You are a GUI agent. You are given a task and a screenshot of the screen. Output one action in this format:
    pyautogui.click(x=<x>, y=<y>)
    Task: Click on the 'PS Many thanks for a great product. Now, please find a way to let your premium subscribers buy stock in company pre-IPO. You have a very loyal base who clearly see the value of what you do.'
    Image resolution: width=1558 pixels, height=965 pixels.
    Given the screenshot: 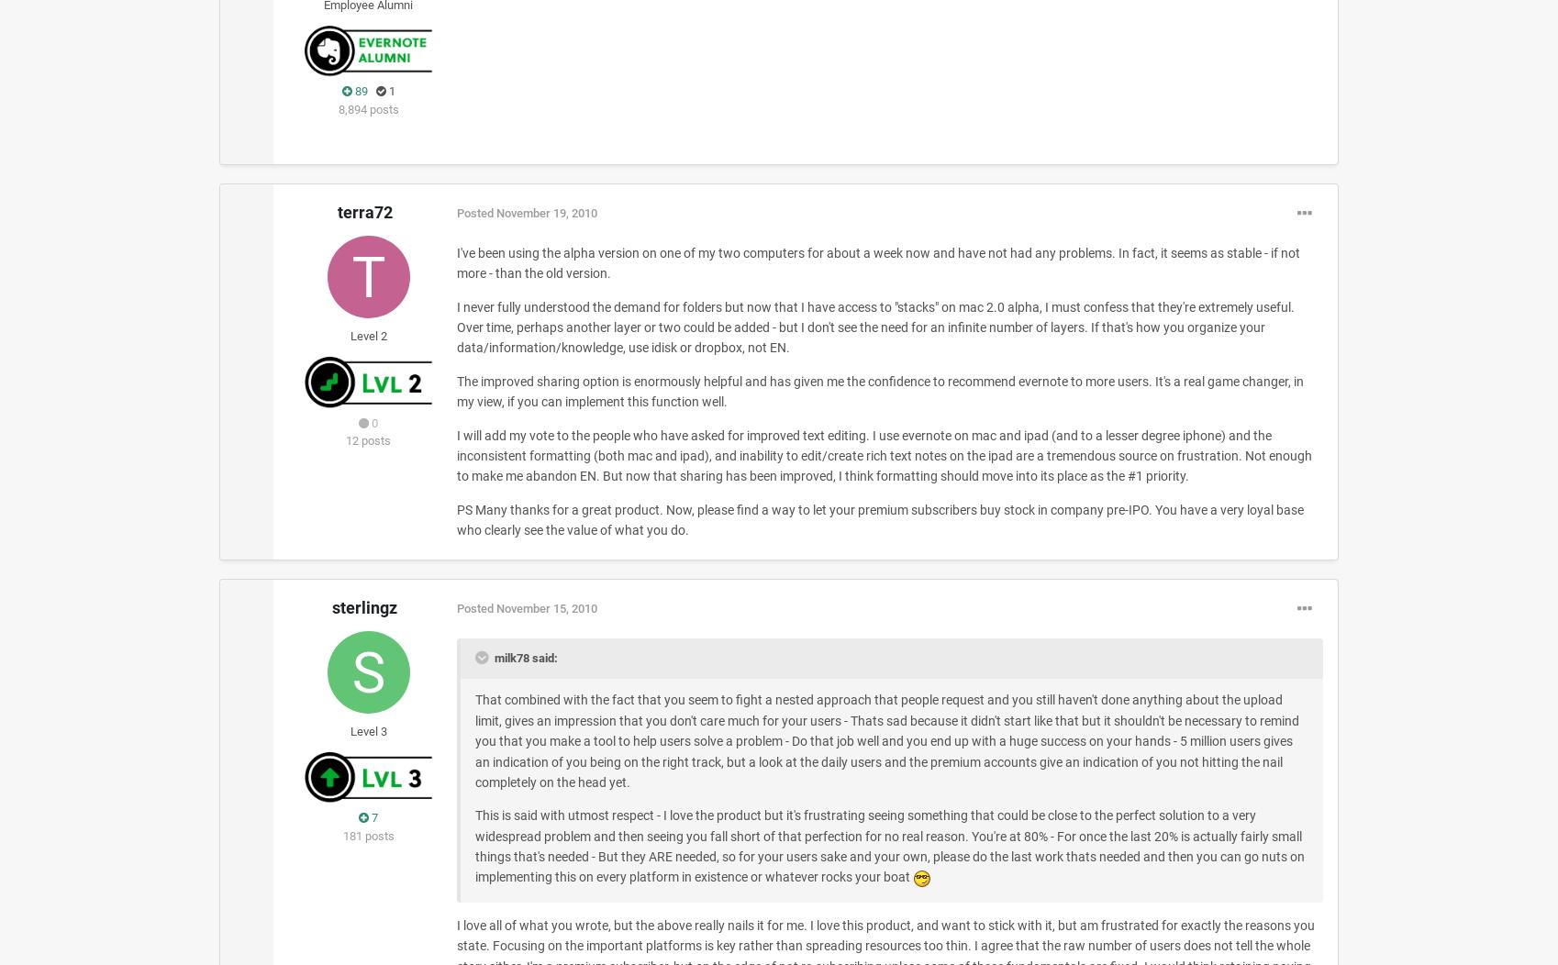 What is the action you would take?
    pyautogui.click(x=455, y=519)
    